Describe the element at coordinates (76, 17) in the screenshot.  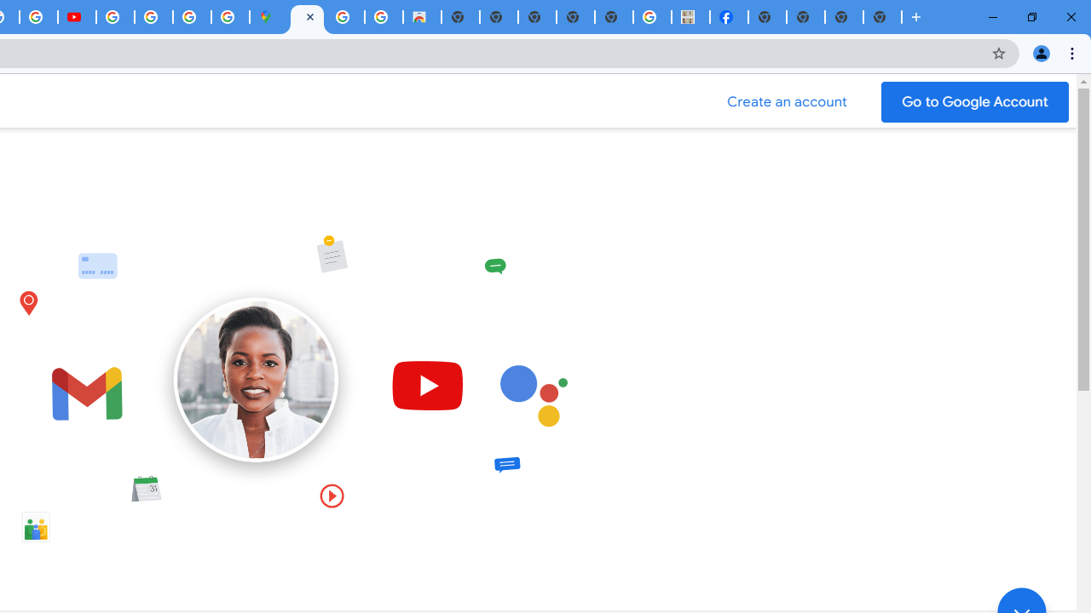
I see `'Subscriptions - YouTube'` at that location.